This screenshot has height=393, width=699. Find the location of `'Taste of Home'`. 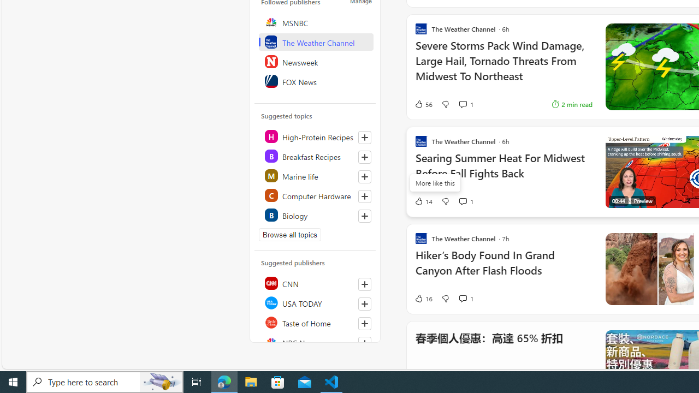

'Taste of Home' is located at coordinates (315, 322).